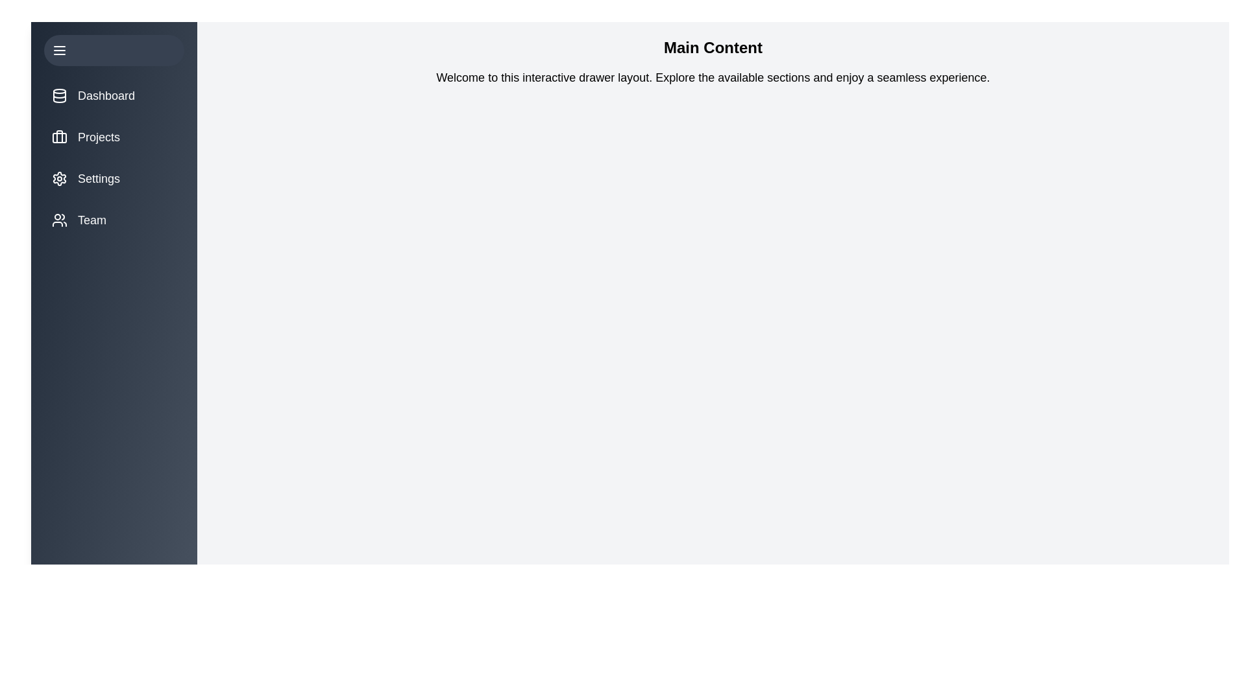 This screenshot has width=1246, height=700. I want to click on the menu item Settings from the drawer, so click(114, 179).